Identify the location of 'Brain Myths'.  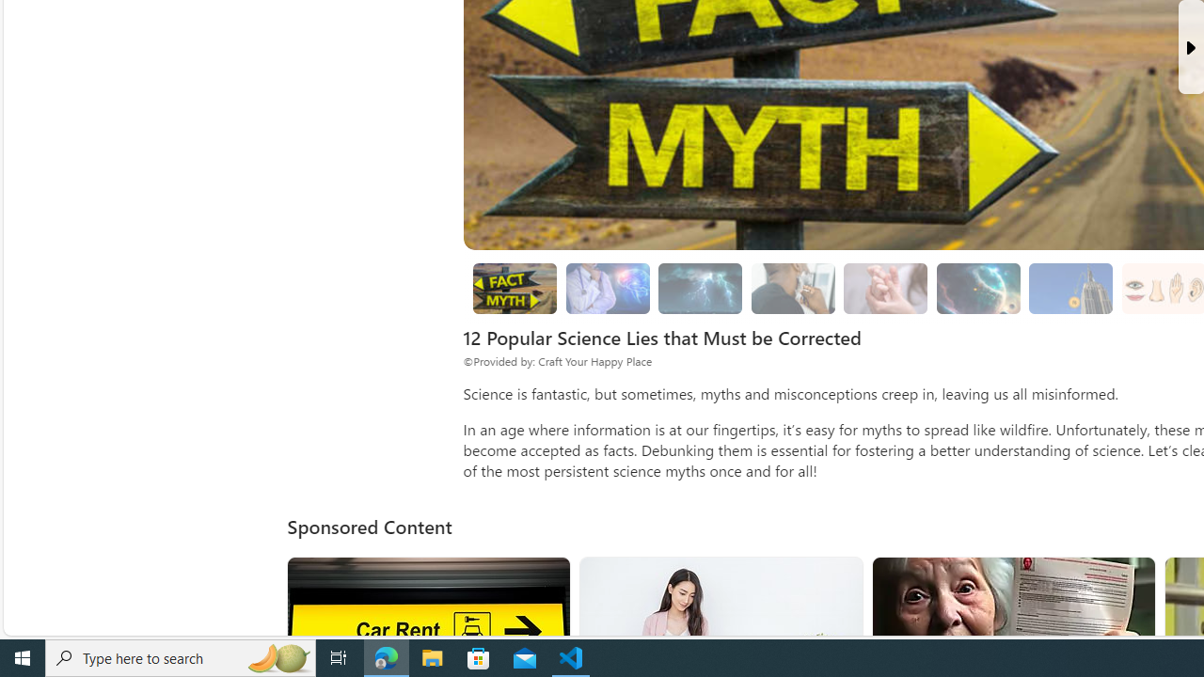
(608, 289).